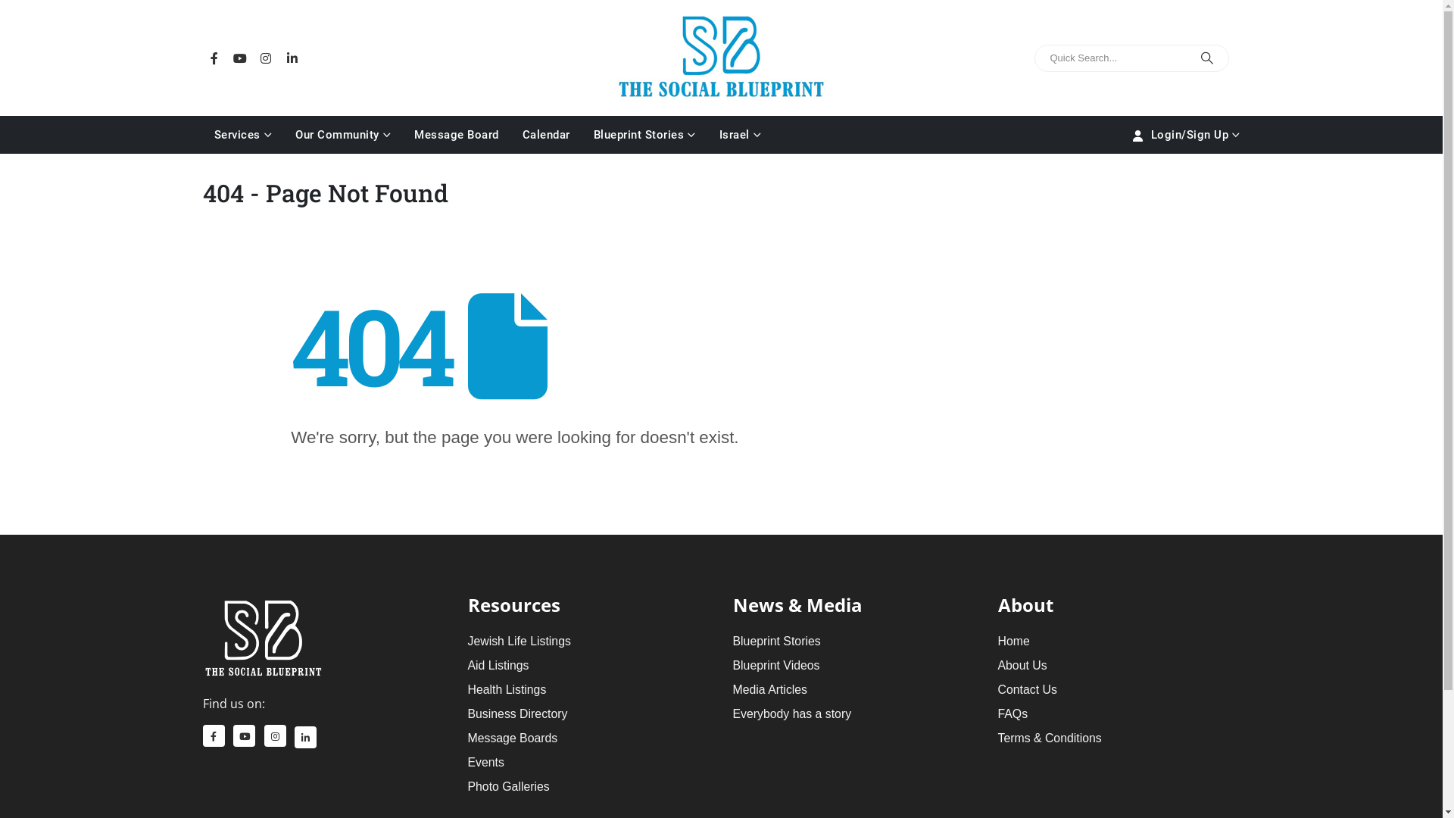 This screenshot has width=1454, height=818. I want to click on 'Home', so click(1014, 641).